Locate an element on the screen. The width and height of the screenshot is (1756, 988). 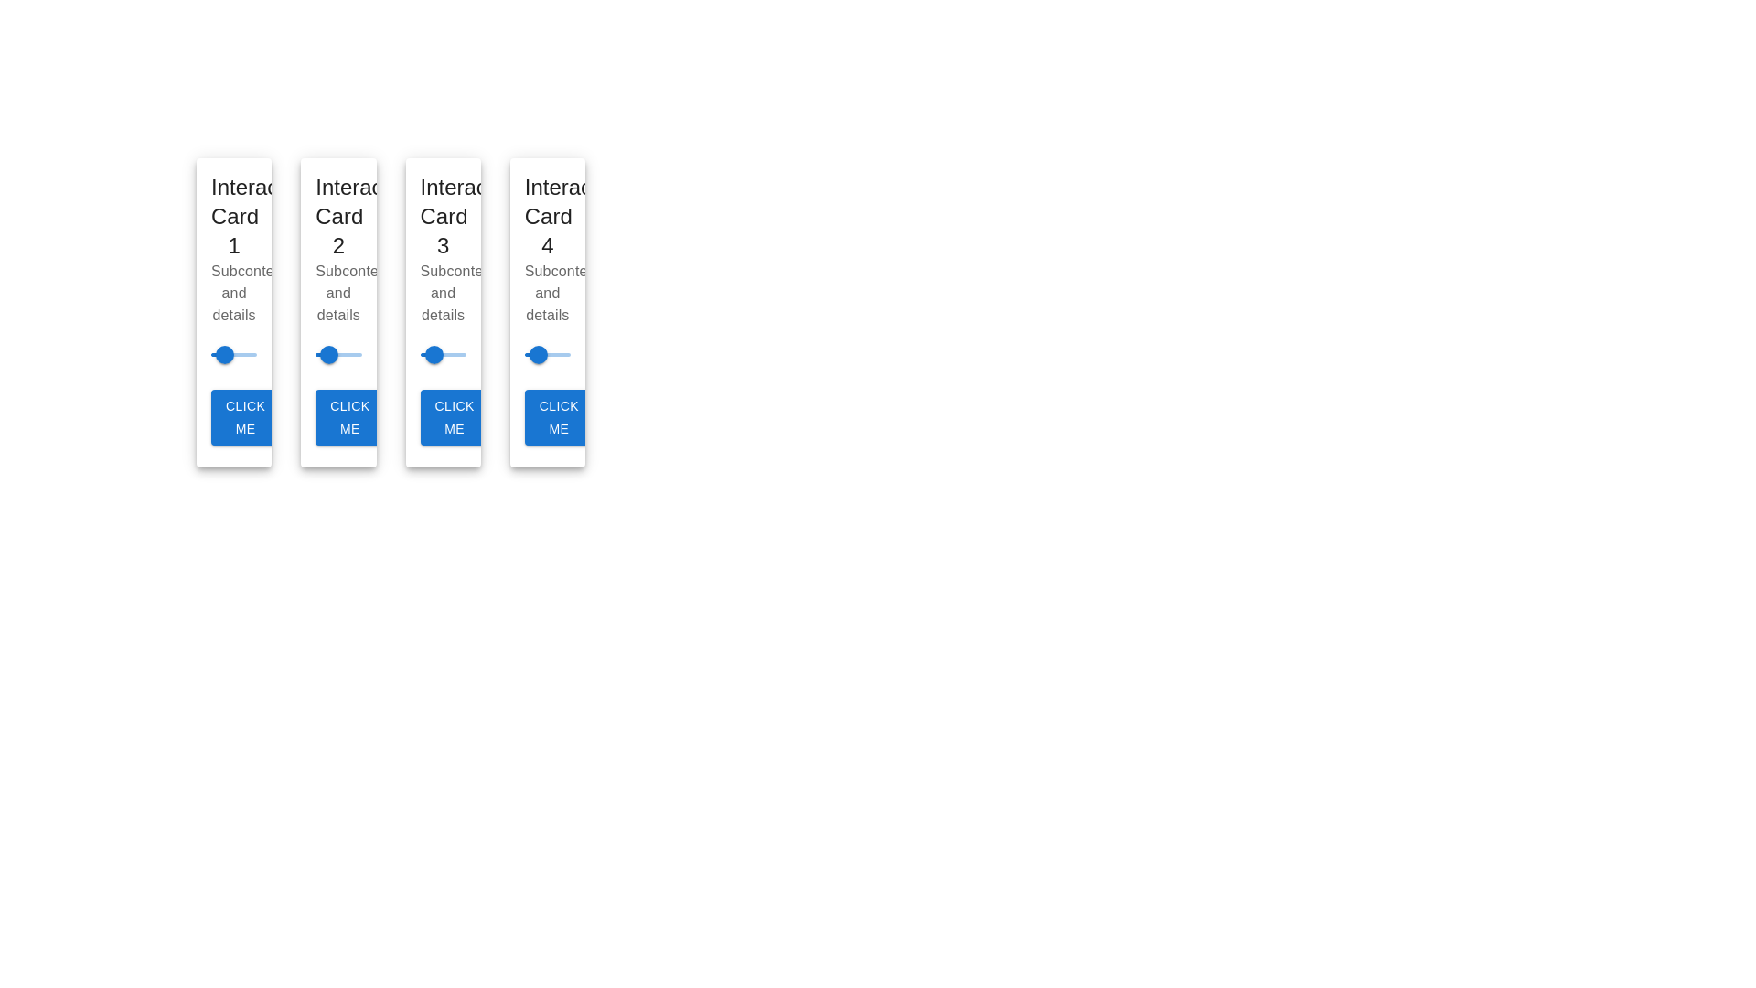
the static text label that serves as the title for the third card (Interactive Card 3) in a horizontally arranged group of four identical cards is located at coordinates (443, 216).